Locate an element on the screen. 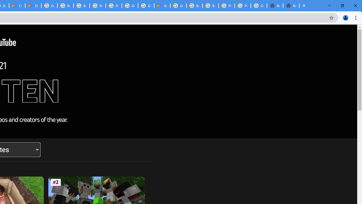 This screenshot has height=204, width=362. 'Google Cloud Platform' is located at coordinates (130, 6).